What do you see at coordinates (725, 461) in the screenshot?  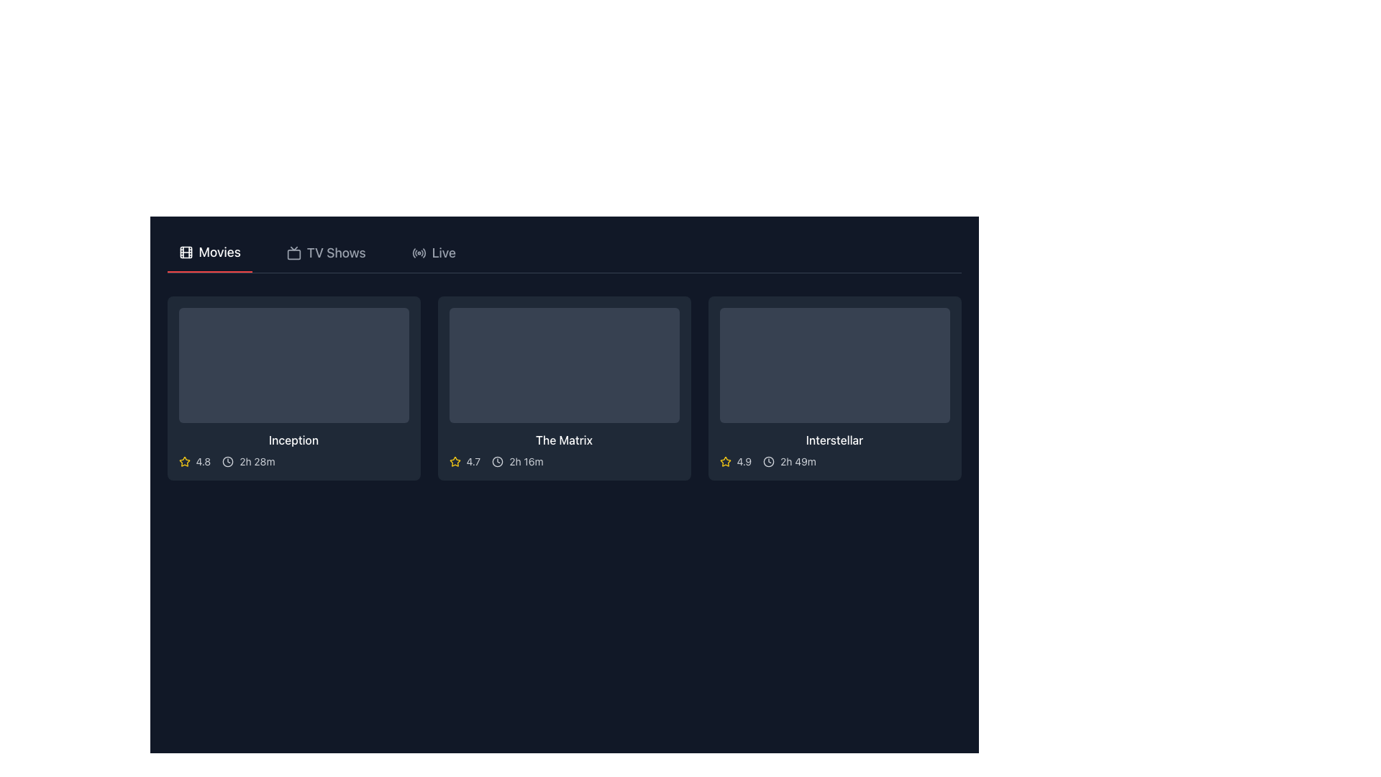 I see `the rating icon for the movie 'Interstellar', which visually indicates a rating and is part of a group displaying information about the movie` at bounding box center [725, 461].